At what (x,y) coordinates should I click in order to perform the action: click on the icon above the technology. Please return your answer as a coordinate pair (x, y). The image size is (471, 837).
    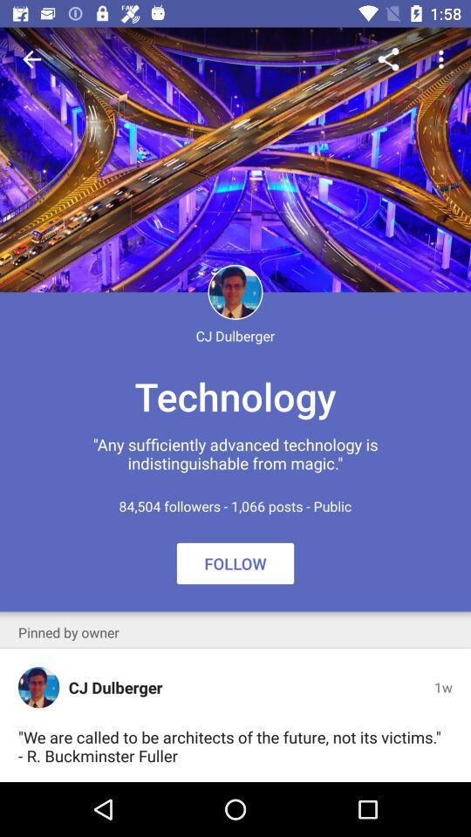
    Looking at the image, I should click on (31, 59).